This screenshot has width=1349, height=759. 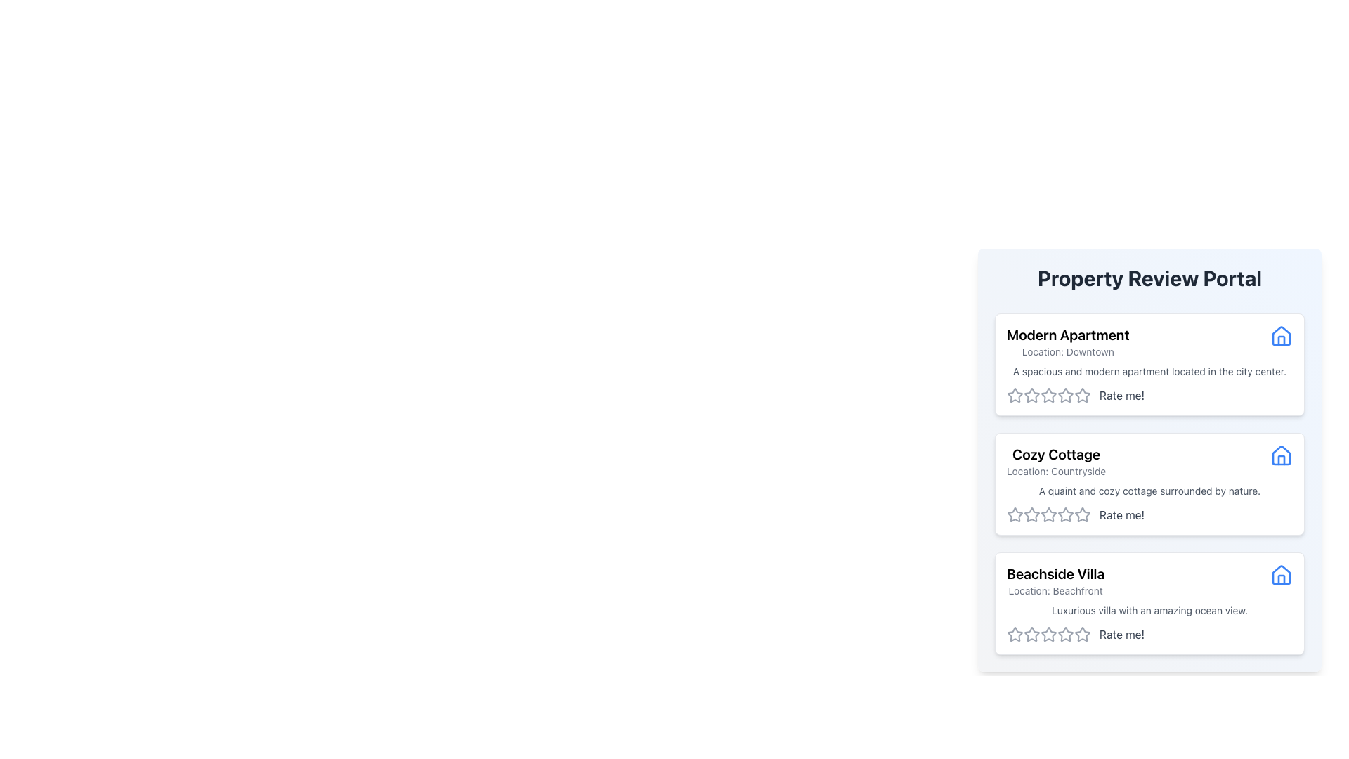 What do you see at coordinates (1149, 490) in the screenshot?
I see `text field displaying the description 'A quaint and cozy cottage surrounded by nature.' located within the 'Cozy Cottage' listing card, positioned below the 'Location: Countryside' text and above the rating stars section` at bounding box center [1149, 490].